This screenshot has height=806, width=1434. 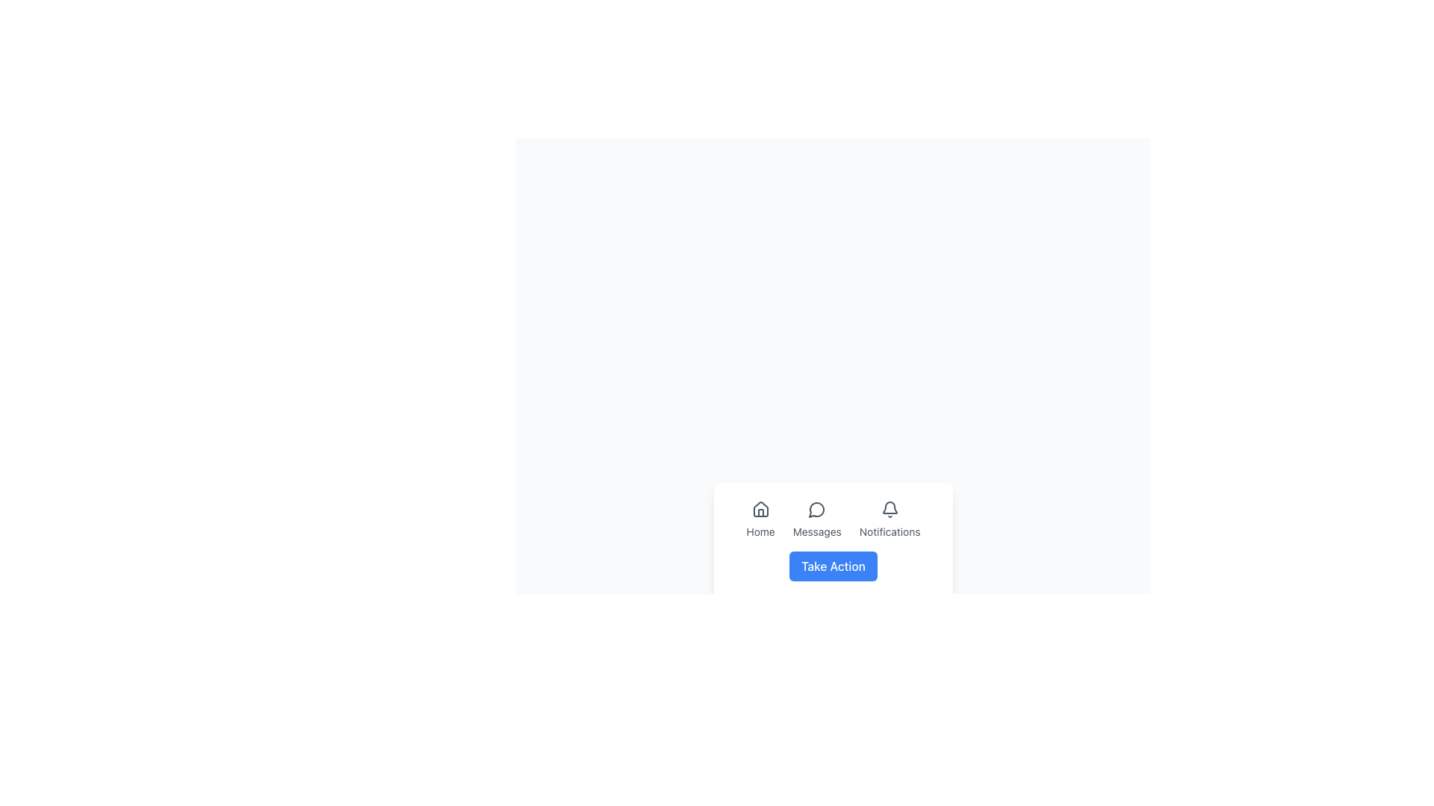 I want to click on the 'Notifications' button, which features a bell icon and a label styled in light gray that turns blue when hovered over, located at the rightmost side of the navigation bar, so click(x=890, y=519).